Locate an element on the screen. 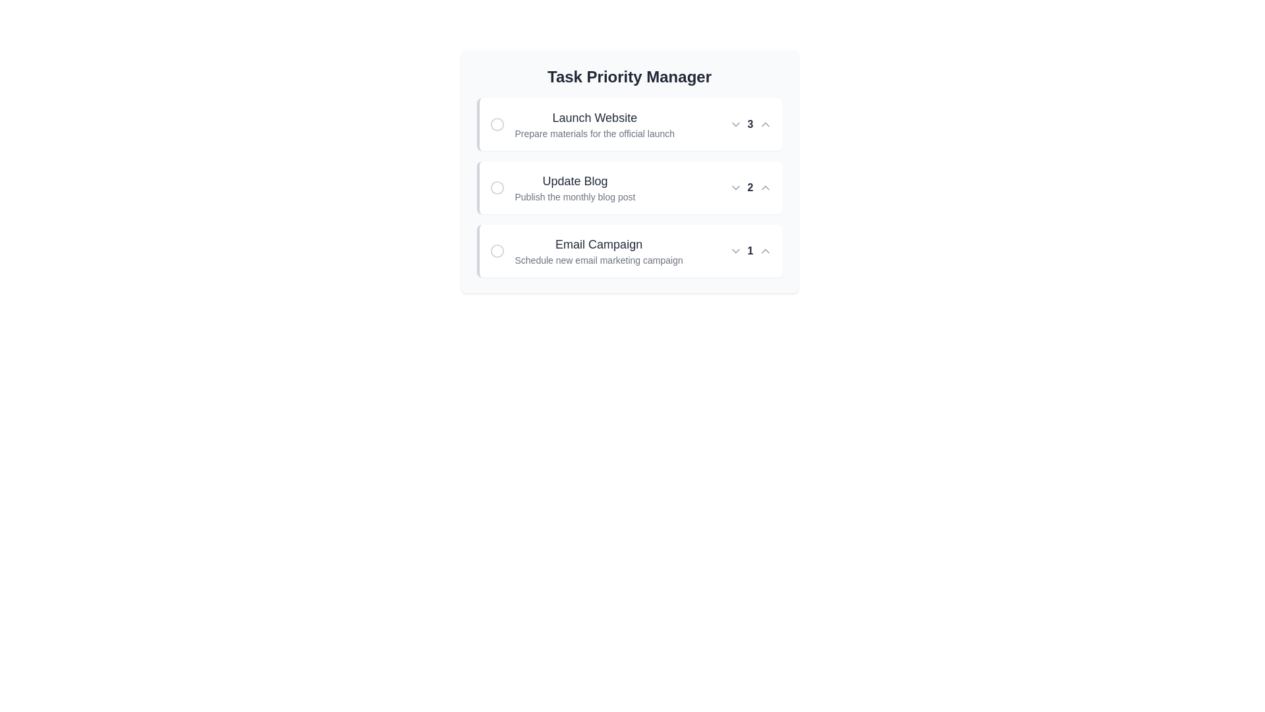  numerical text displaying the number '2', which is styled in a bold and dark typeface, located at the right end of the 'Update Blog' task section, adjacent to the increment and decrement buttons is located at coordinates (750, 188).